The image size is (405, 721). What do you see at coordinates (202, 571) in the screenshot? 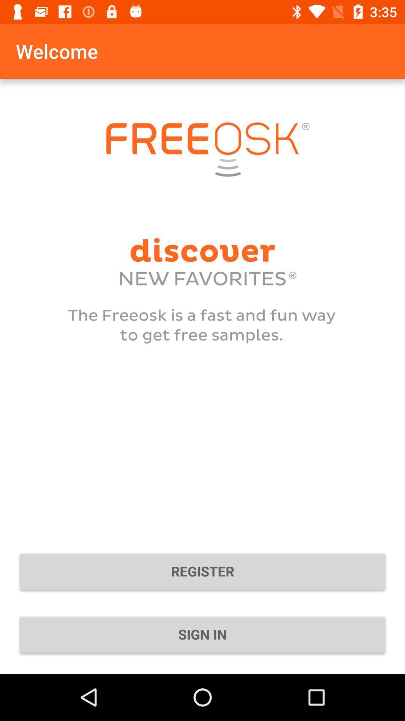
I see `register item` at bounding box center [202, 571].